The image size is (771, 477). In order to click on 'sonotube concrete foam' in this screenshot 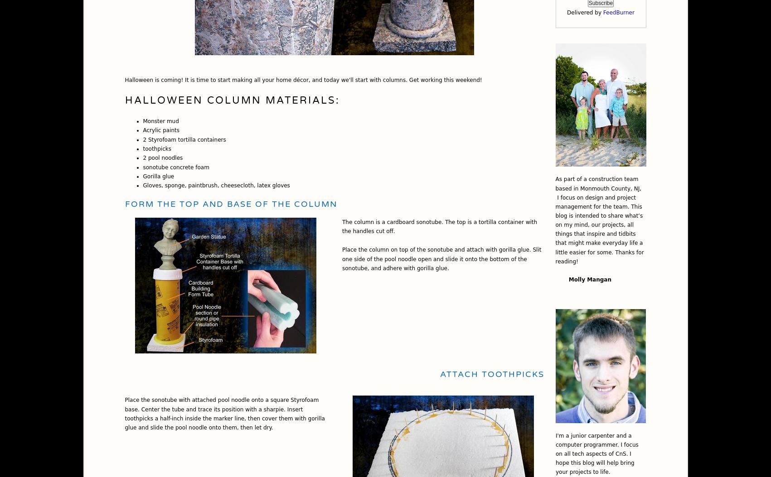, I will do `click(175, 167)`.